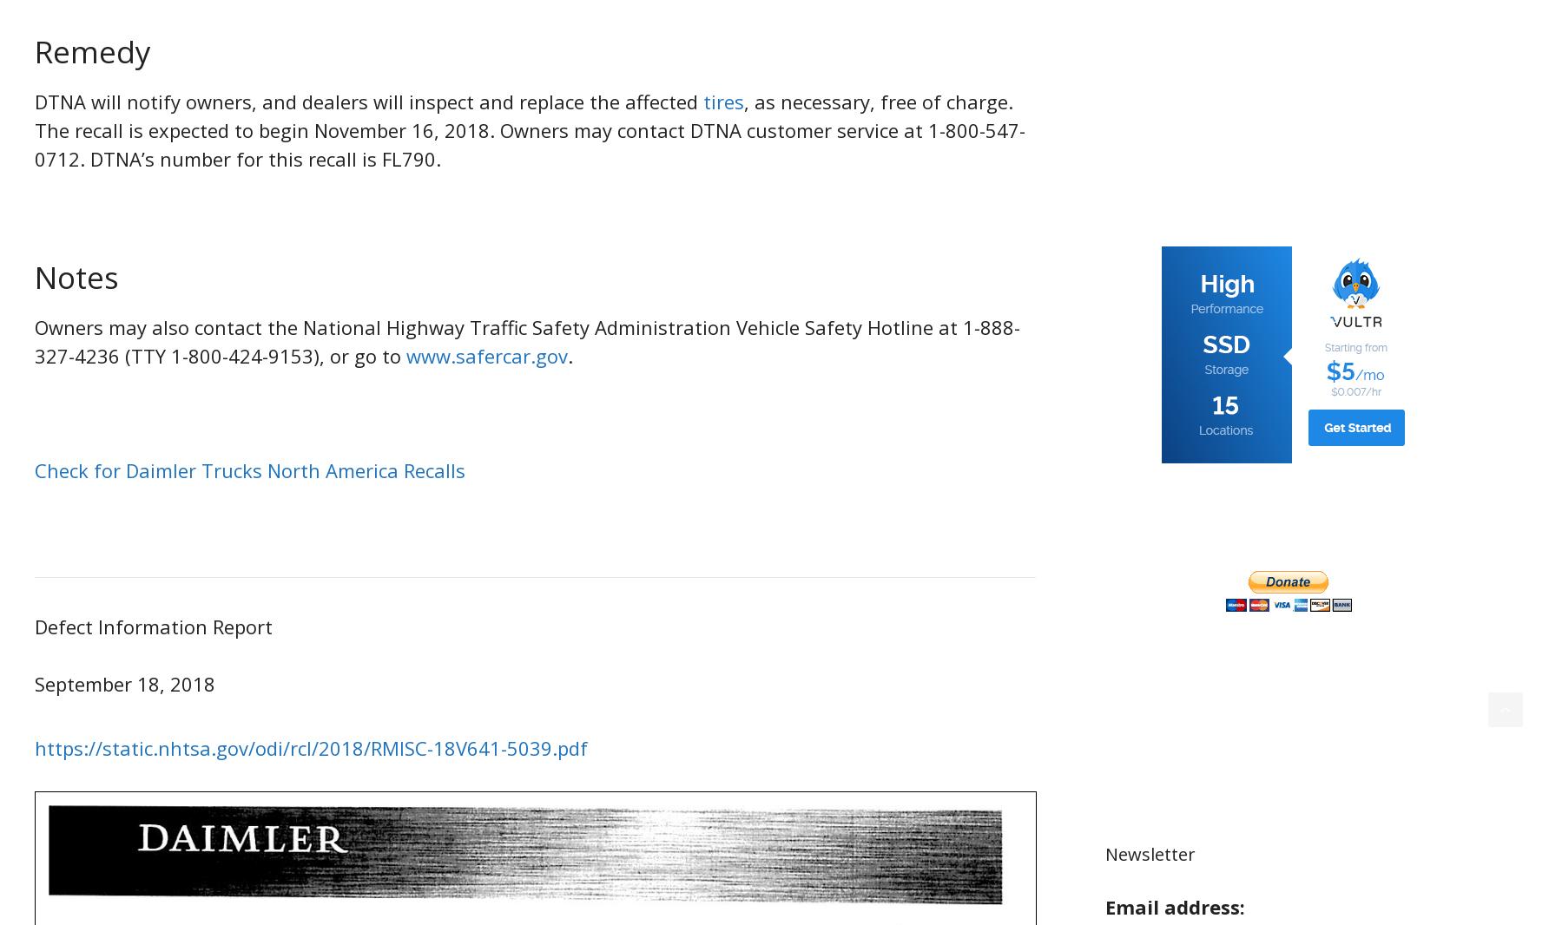  I want to click on 'Remedy', so click(34, 50).